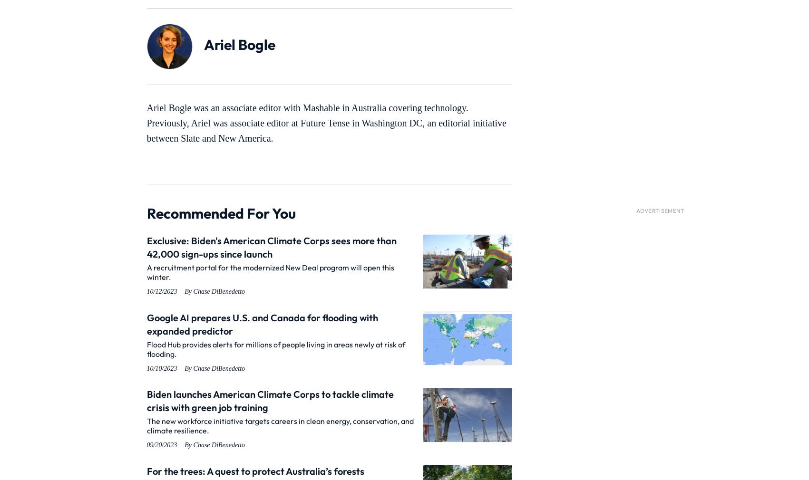 Image resolution: width=809 pixels, height=480 pixels. Describe the element at coordinates (271, 247) in the screenshot. I see `'Exclusive: Biden's American Climate Corps sees more than 42,000 sign-ups since launch'` at that location.